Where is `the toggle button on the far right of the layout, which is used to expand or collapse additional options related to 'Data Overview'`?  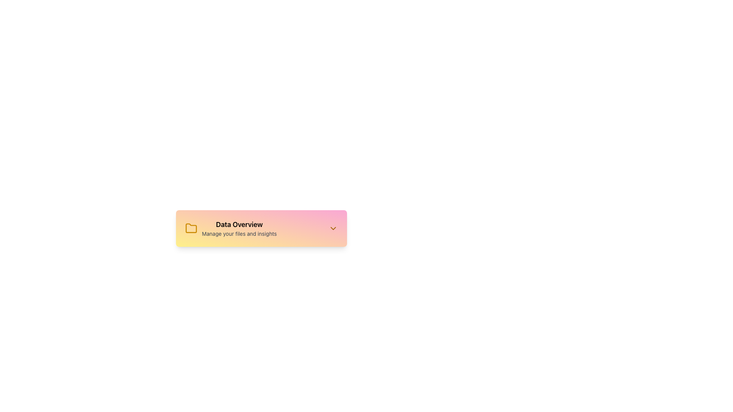 the toggle button on the far right of the layout, which is used to expand or collapse additional options related to 'Data Overview' is located at coordinates (333, 228).